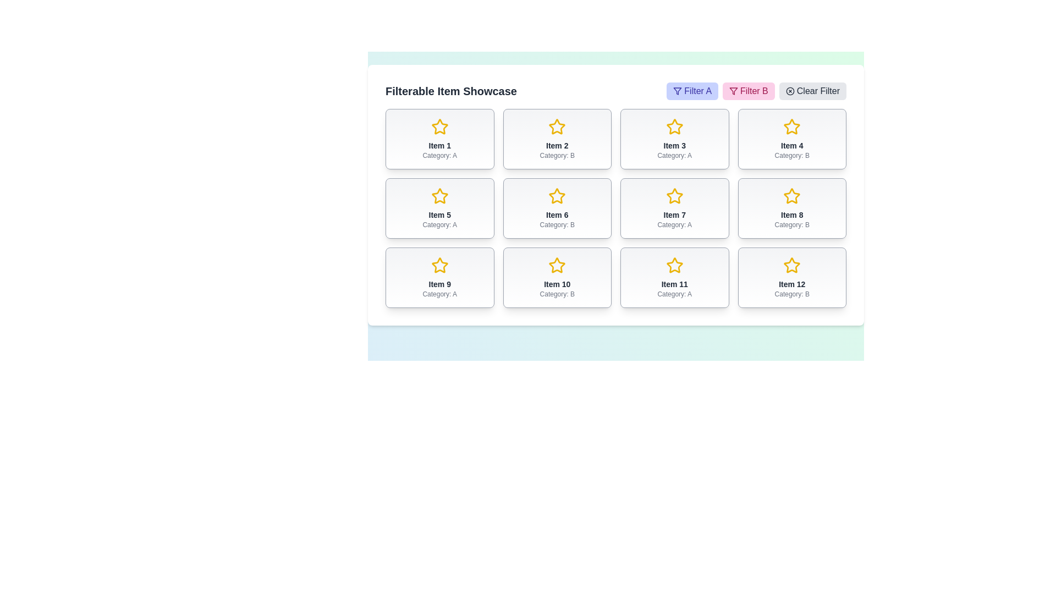 This screenshot has height=594, width=1056. I want to click on the star-shaped icon styled in yellow with a white center, located inside the card labeled 'Item 9' in the grid layout, so click(439, 265).